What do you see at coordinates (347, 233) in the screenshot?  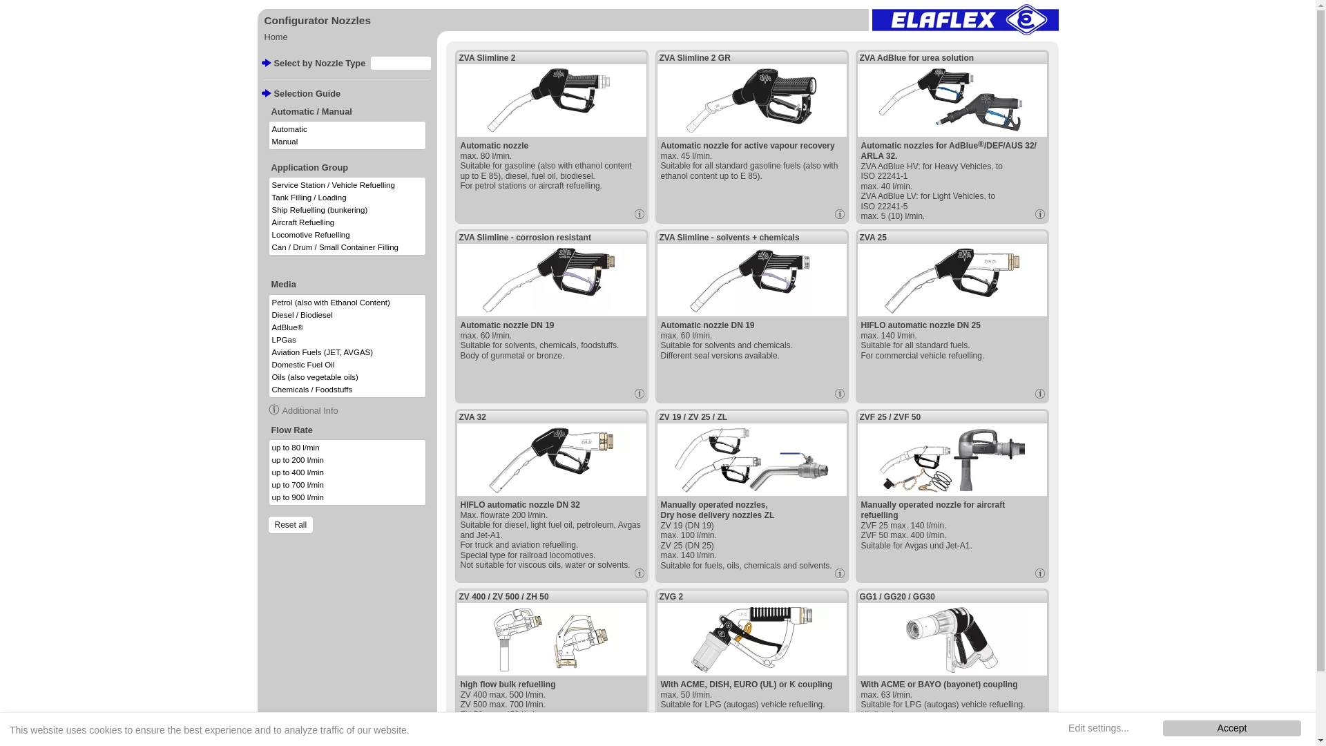 I see `'Locomotive Refuelling'` at bounding box center [347, 233].